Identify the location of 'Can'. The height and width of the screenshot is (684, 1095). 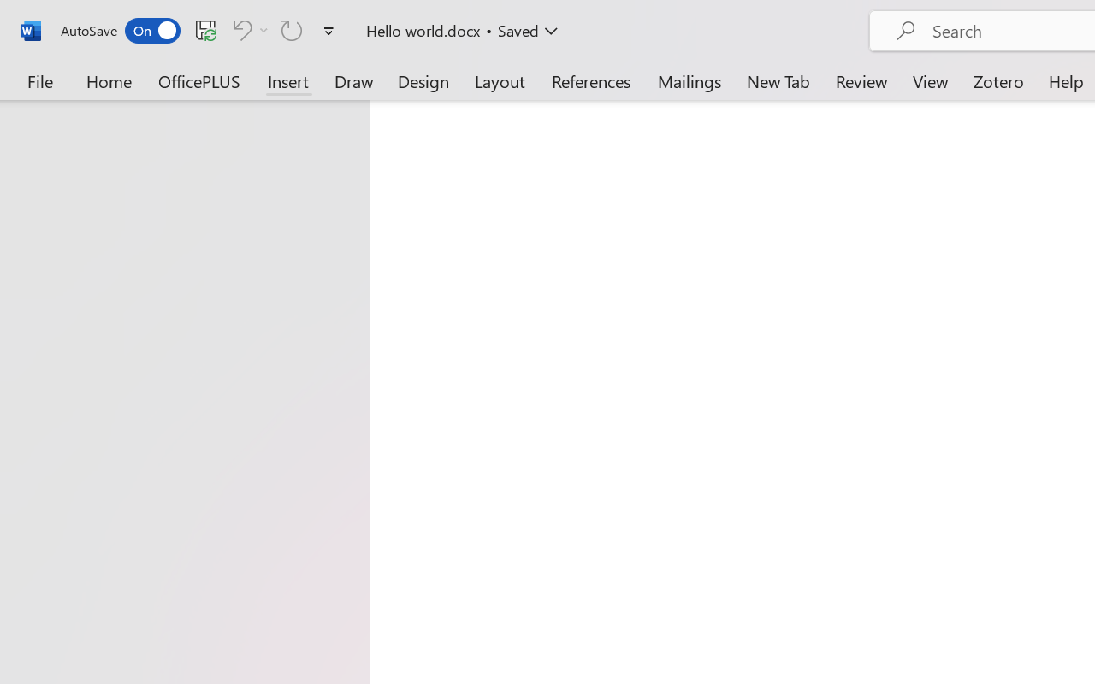
(292, 29).